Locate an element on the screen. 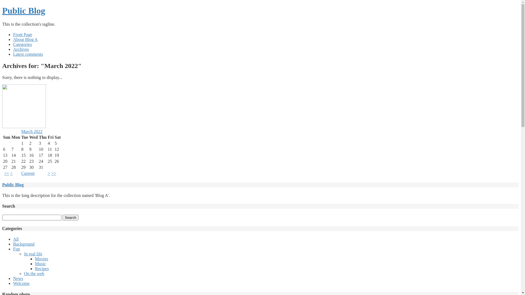  'Archives' is located at coordinates (21, 49).